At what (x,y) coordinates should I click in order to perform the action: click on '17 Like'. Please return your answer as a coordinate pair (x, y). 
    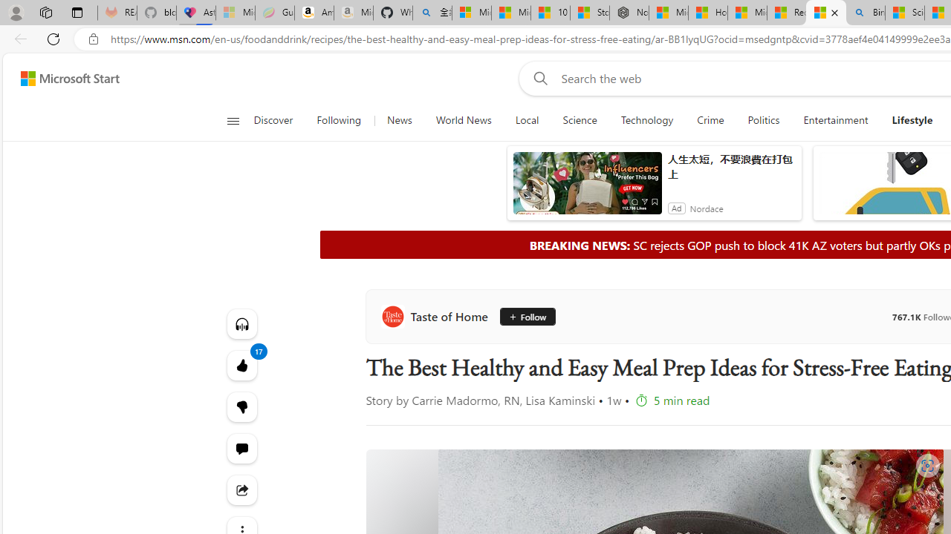
    Looking at the image, I should click on (241, 365).